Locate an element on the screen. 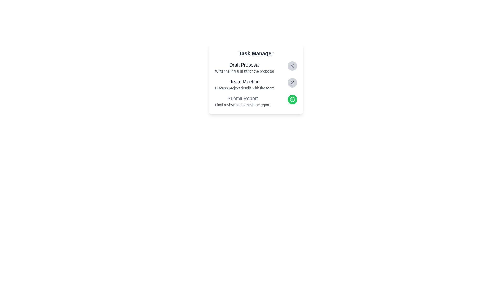 The height and width of the screenshot is (283, 504). the completed task entry in the task list, which has a strikethrough text and a green checkmark is located at coordinates (256, 95).